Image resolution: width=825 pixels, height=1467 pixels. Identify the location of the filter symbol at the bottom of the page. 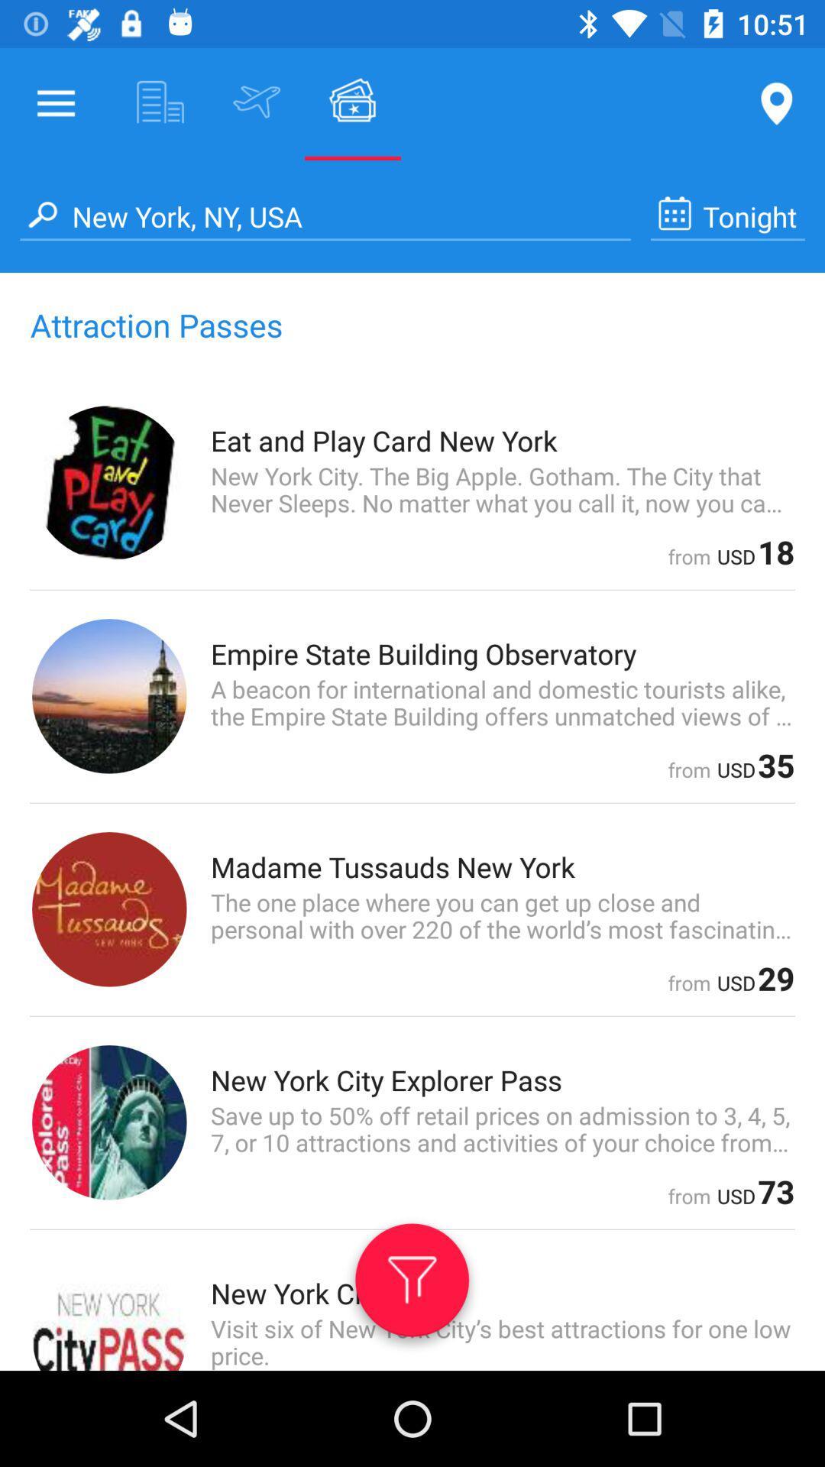
(412, 1285).